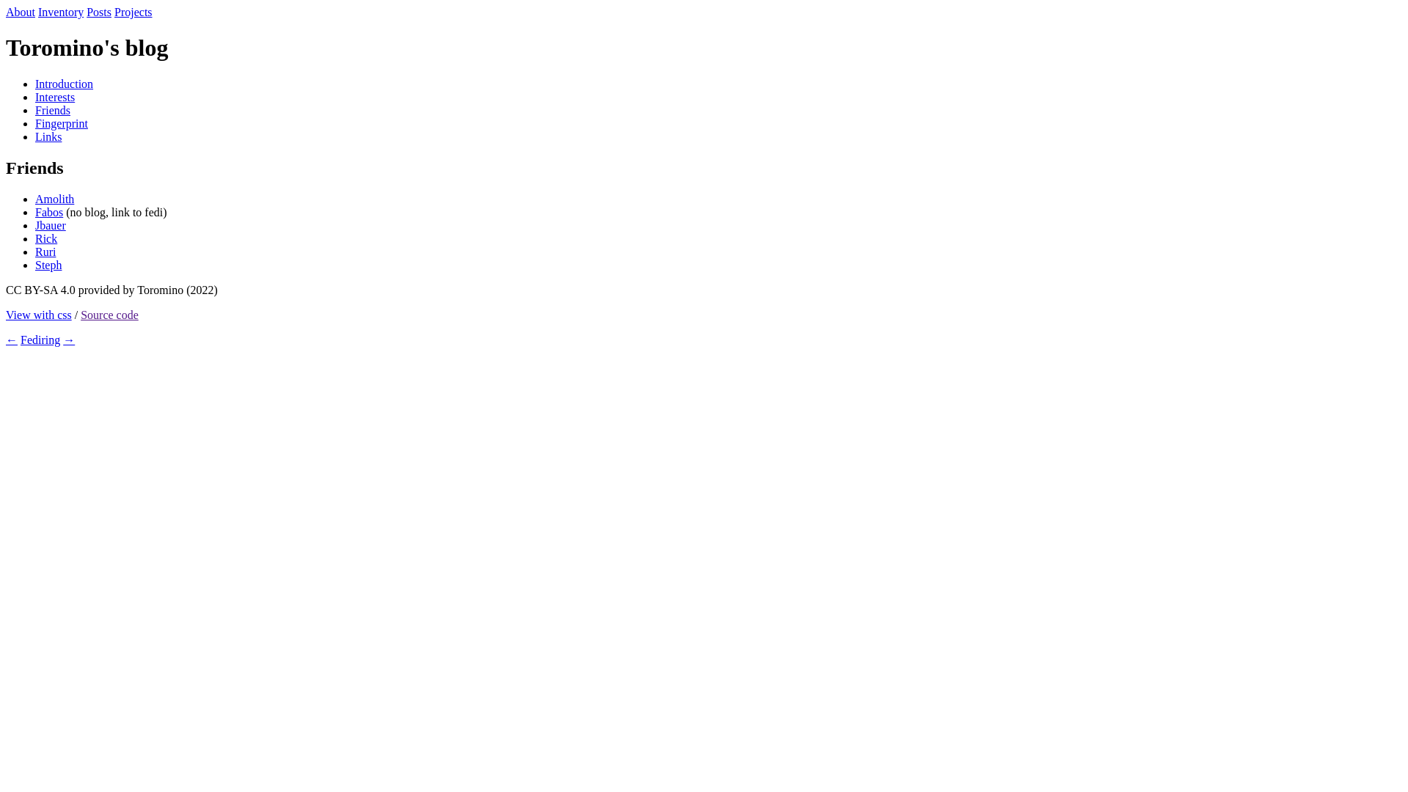 The image size is (1408, 792). I want to click on 'Source code', so click(109, 314).